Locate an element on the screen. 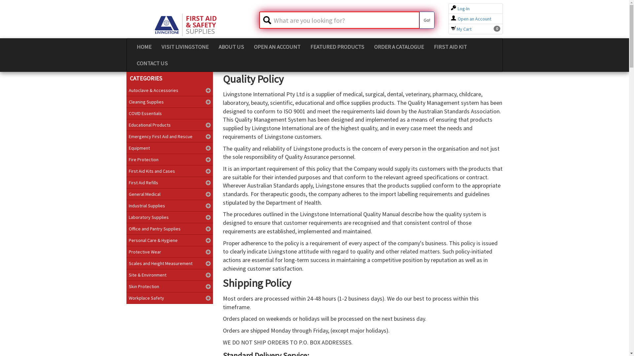  'Protective Wear' is located at coordinates (126, 252).